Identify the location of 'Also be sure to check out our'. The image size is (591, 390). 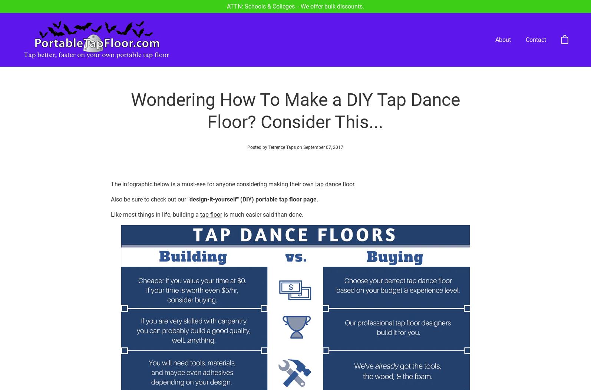
(148, 171).